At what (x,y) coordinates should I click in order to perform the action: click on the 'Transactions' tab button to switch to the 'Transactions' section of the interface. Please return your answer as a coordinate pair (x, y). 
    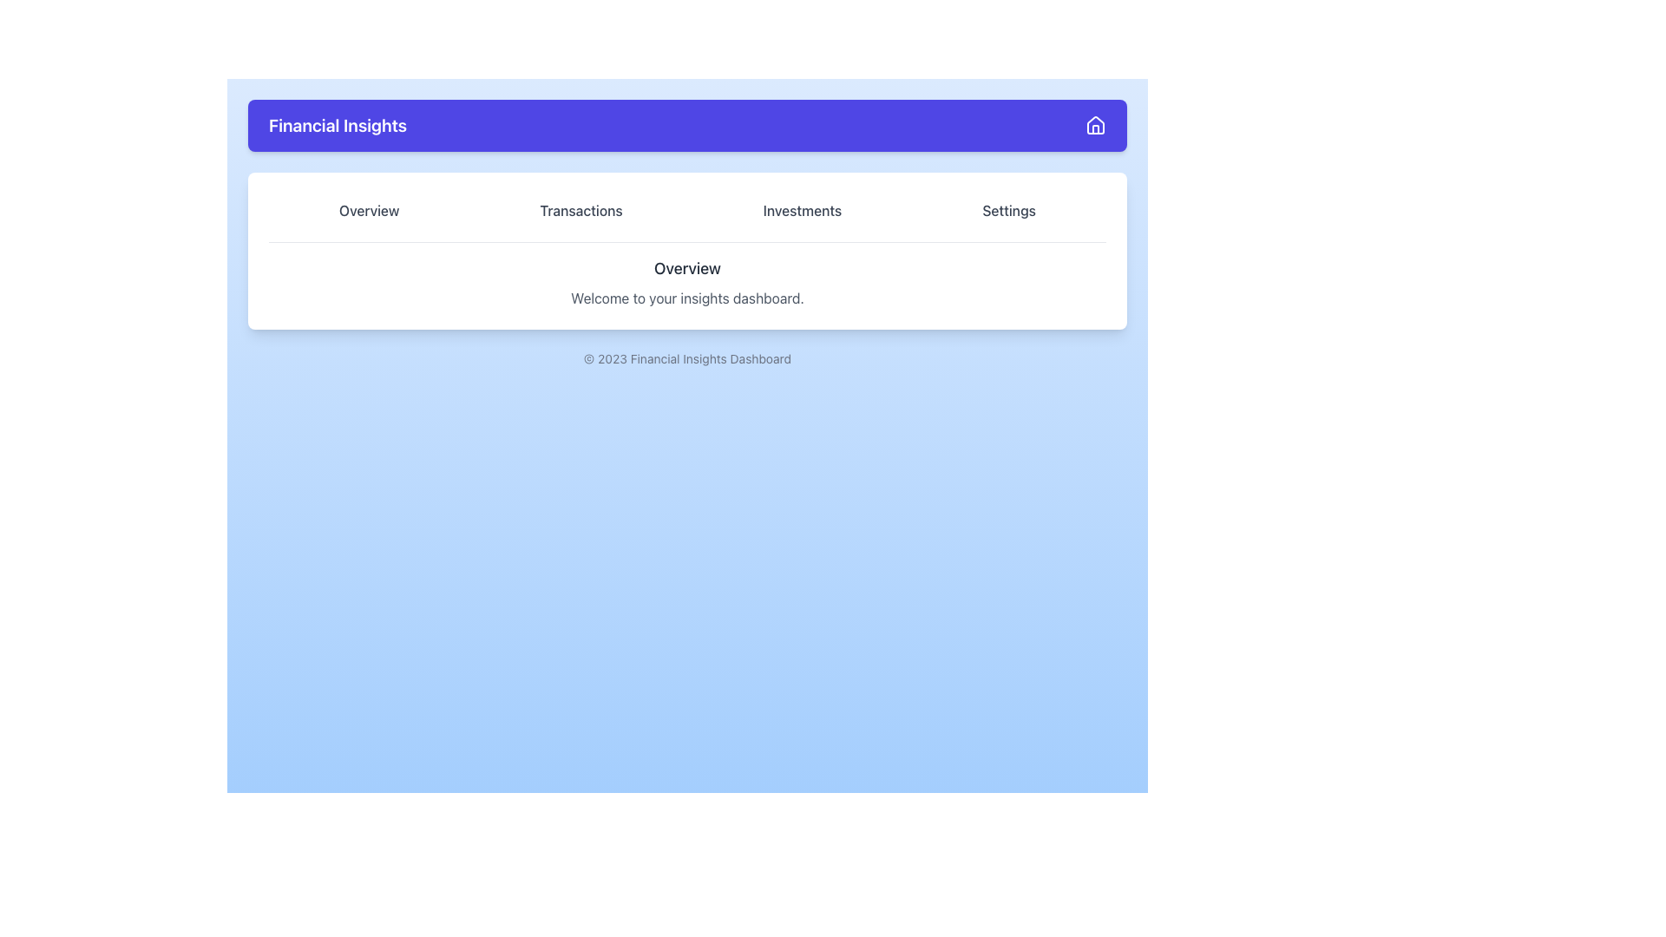
    Looking at the image, I should click on (581, 210).